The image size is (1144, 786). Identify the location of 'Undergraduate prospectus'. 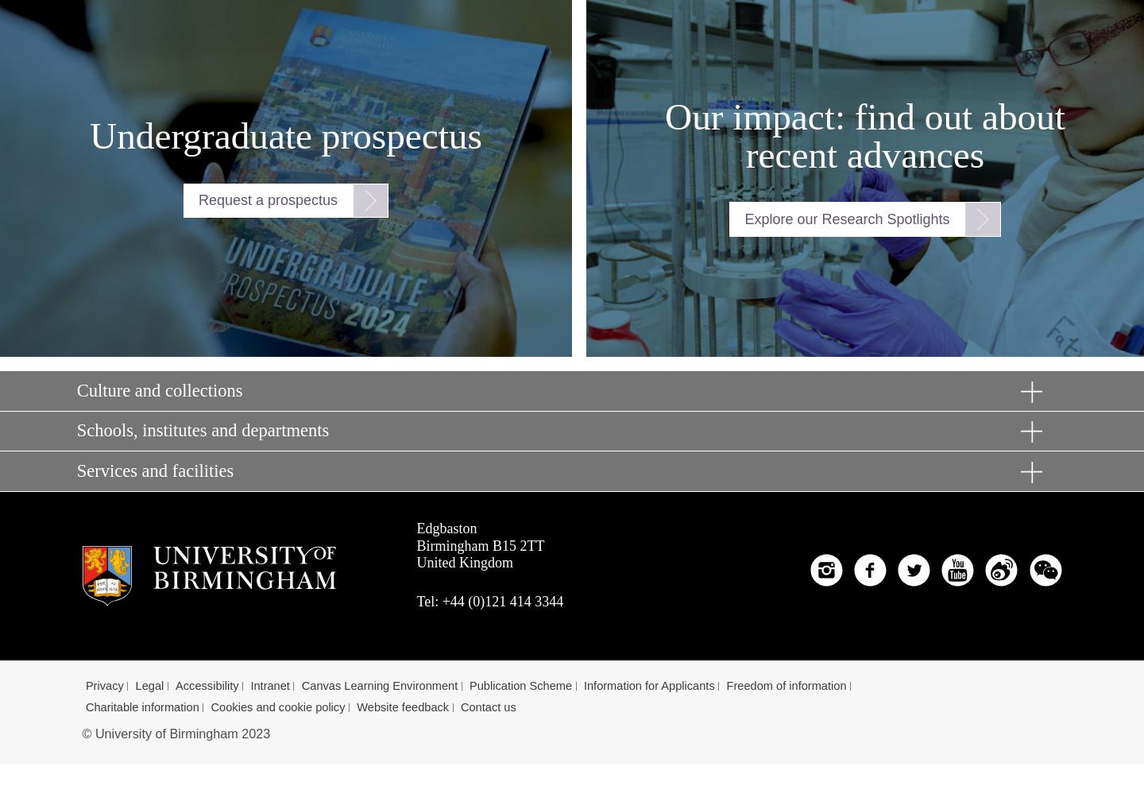
(285, 135).